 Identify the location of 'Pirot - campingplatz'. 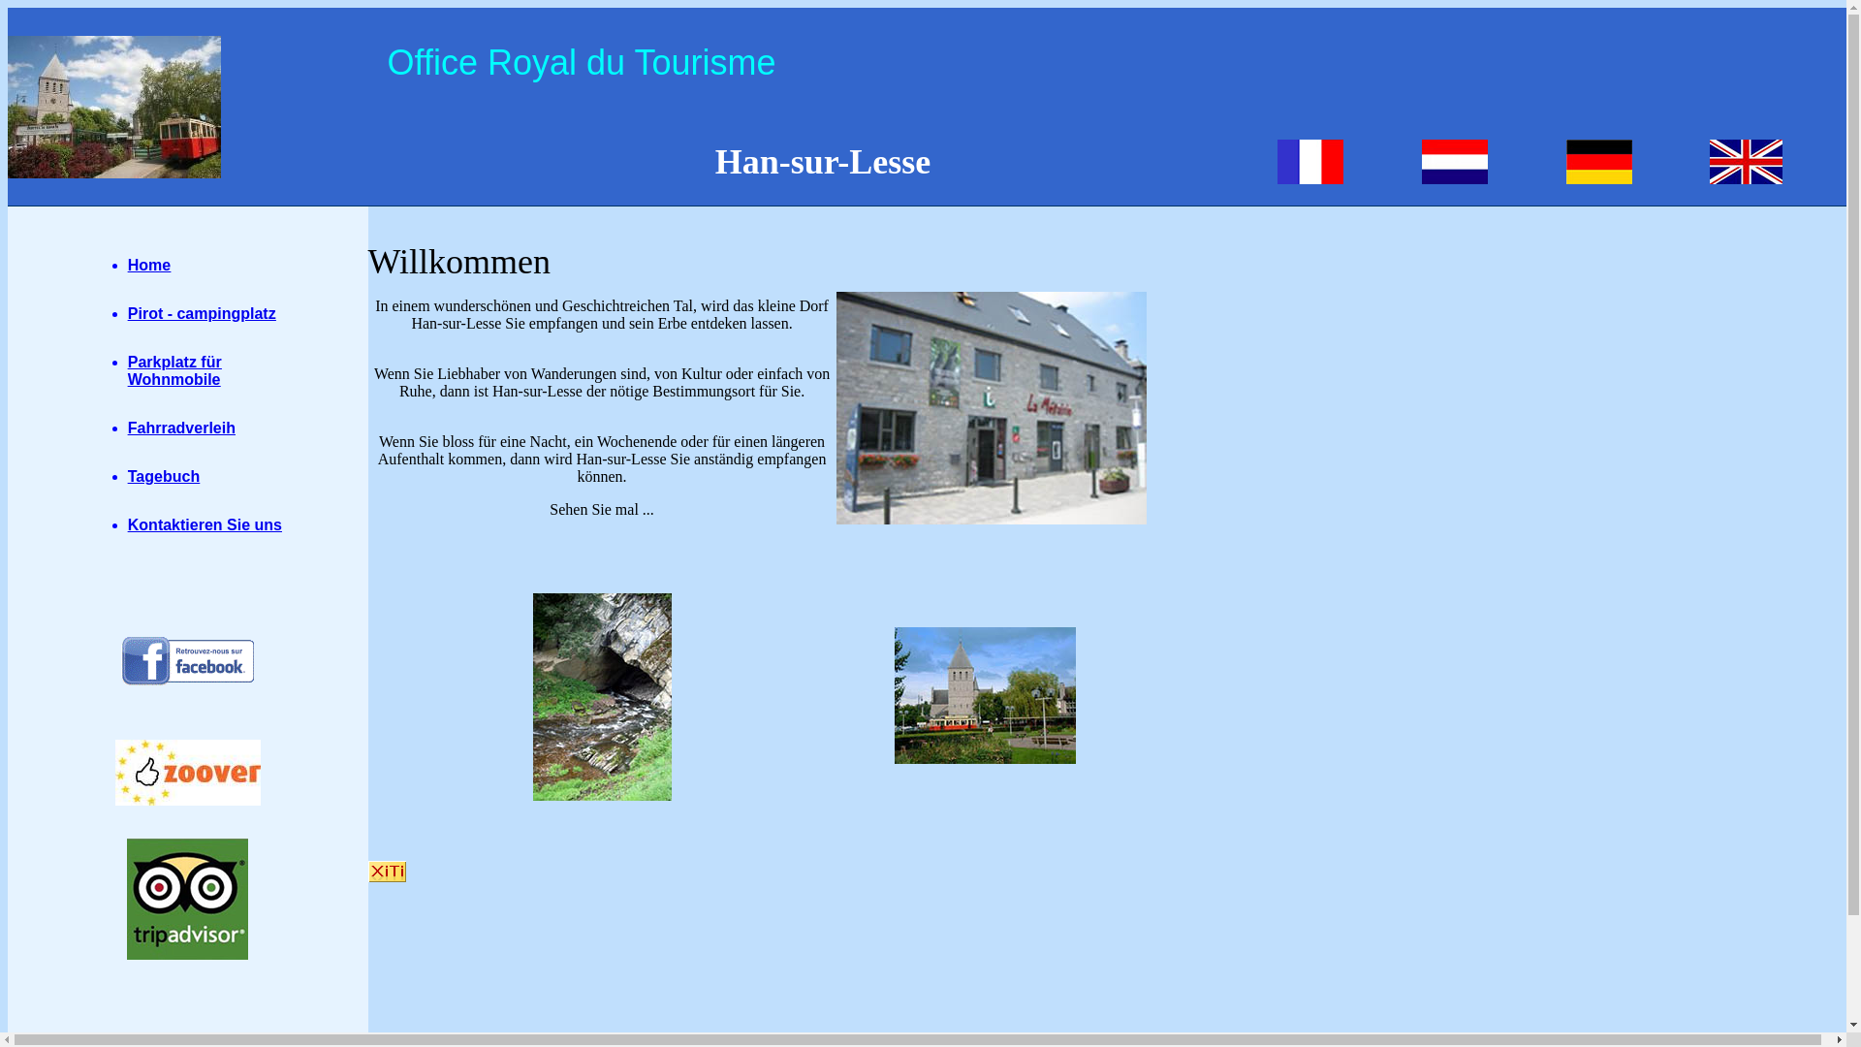
(202, 312).